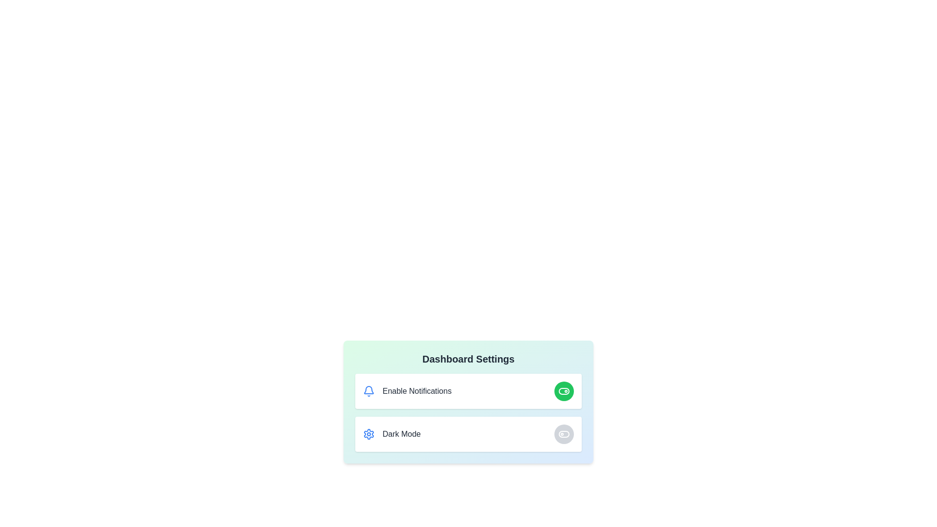  I want to click on the green circular toggle button of the 'Enable Notifications' switch located in the 'Dashboard Settings' section to change its state, so click(468, 391).